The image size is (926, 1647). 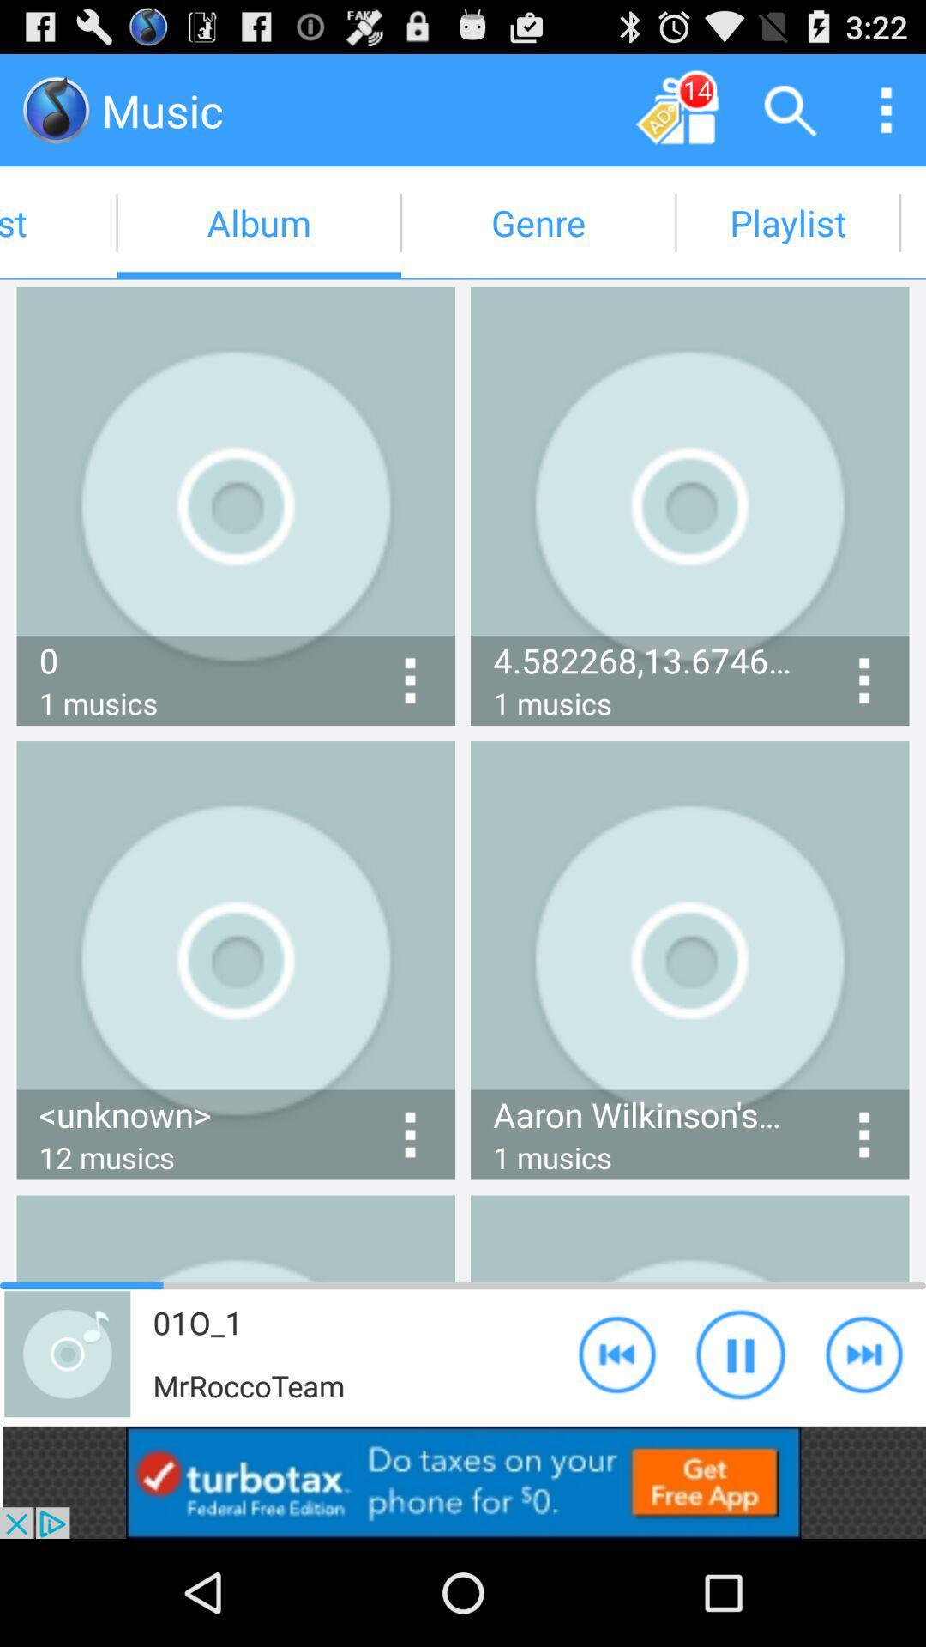 What do you see at coordinates (740, 1353) in the screenshot?
I see `pause audio` at bounding box center [740, 1353].